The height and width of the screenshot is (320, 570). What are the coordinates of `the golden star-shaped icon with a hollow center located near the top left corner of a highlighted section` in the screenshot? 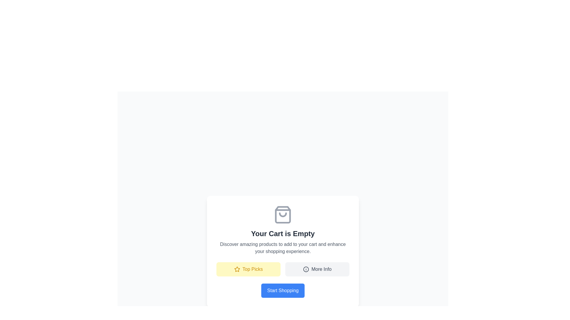 It's located at (237, 269).